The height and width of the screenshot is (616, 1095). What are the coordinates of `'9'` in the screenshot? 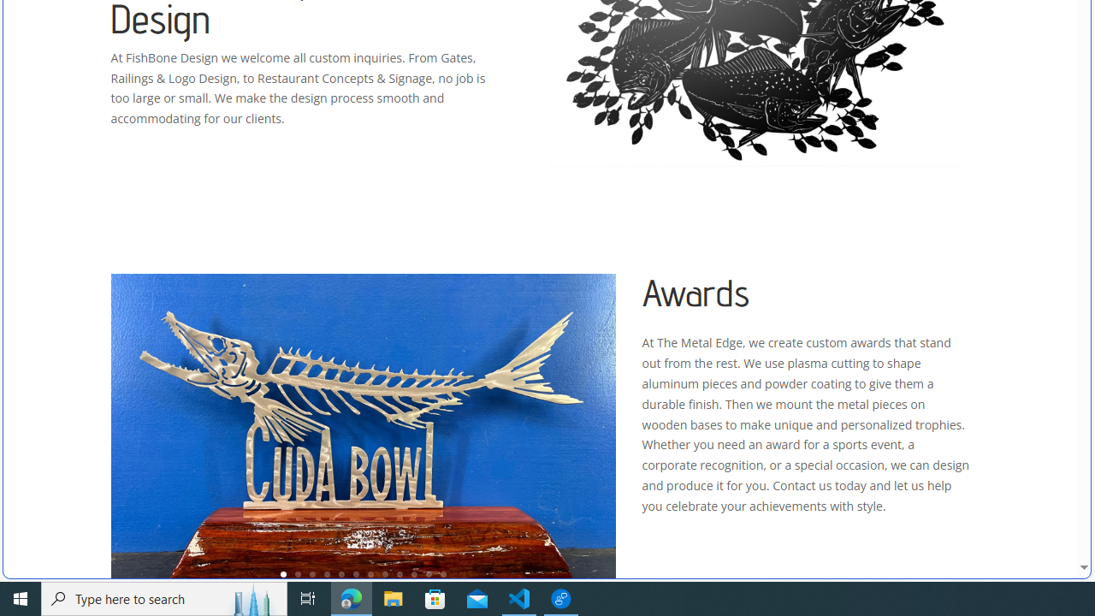 It's located at (399, 574).